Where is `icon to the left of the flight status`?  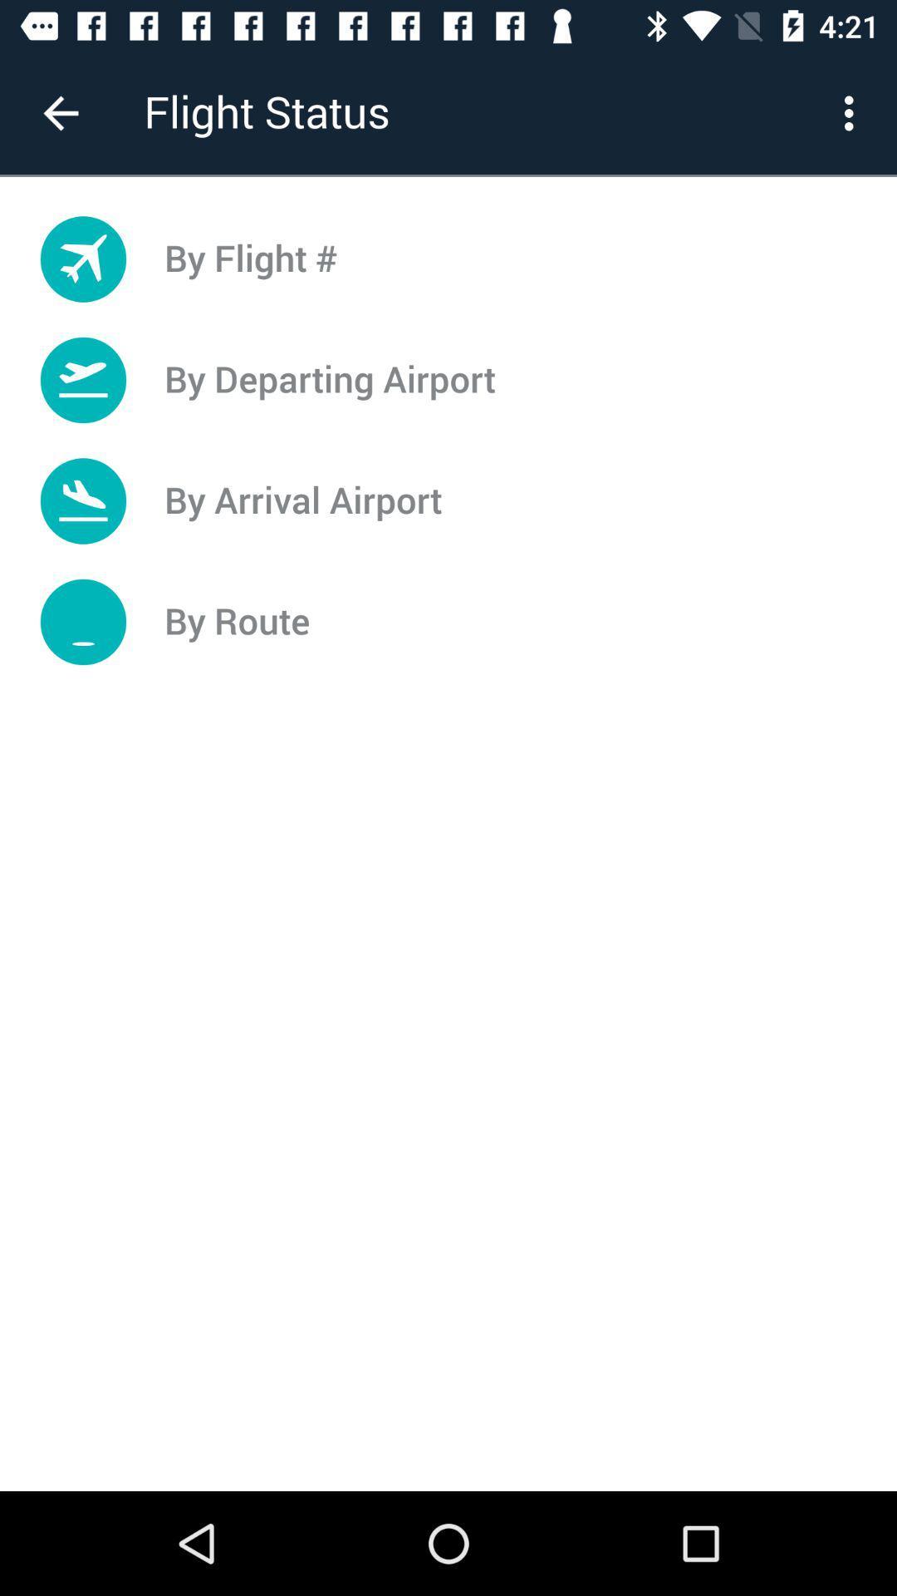
icon to the left of the flight status is located at coordinates (60, 112).